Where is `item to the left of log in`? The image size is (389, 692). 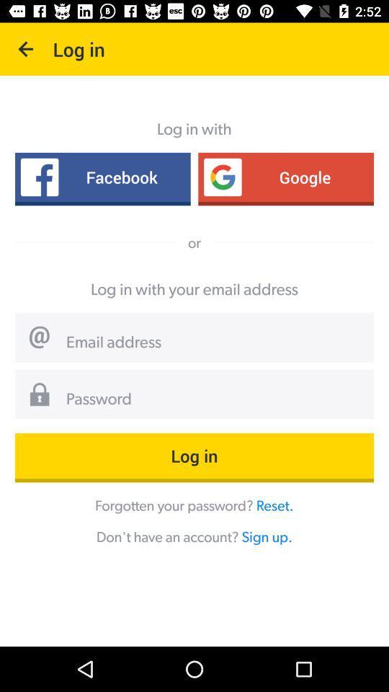 item to the left of log in is located at coordinates (26, 49).